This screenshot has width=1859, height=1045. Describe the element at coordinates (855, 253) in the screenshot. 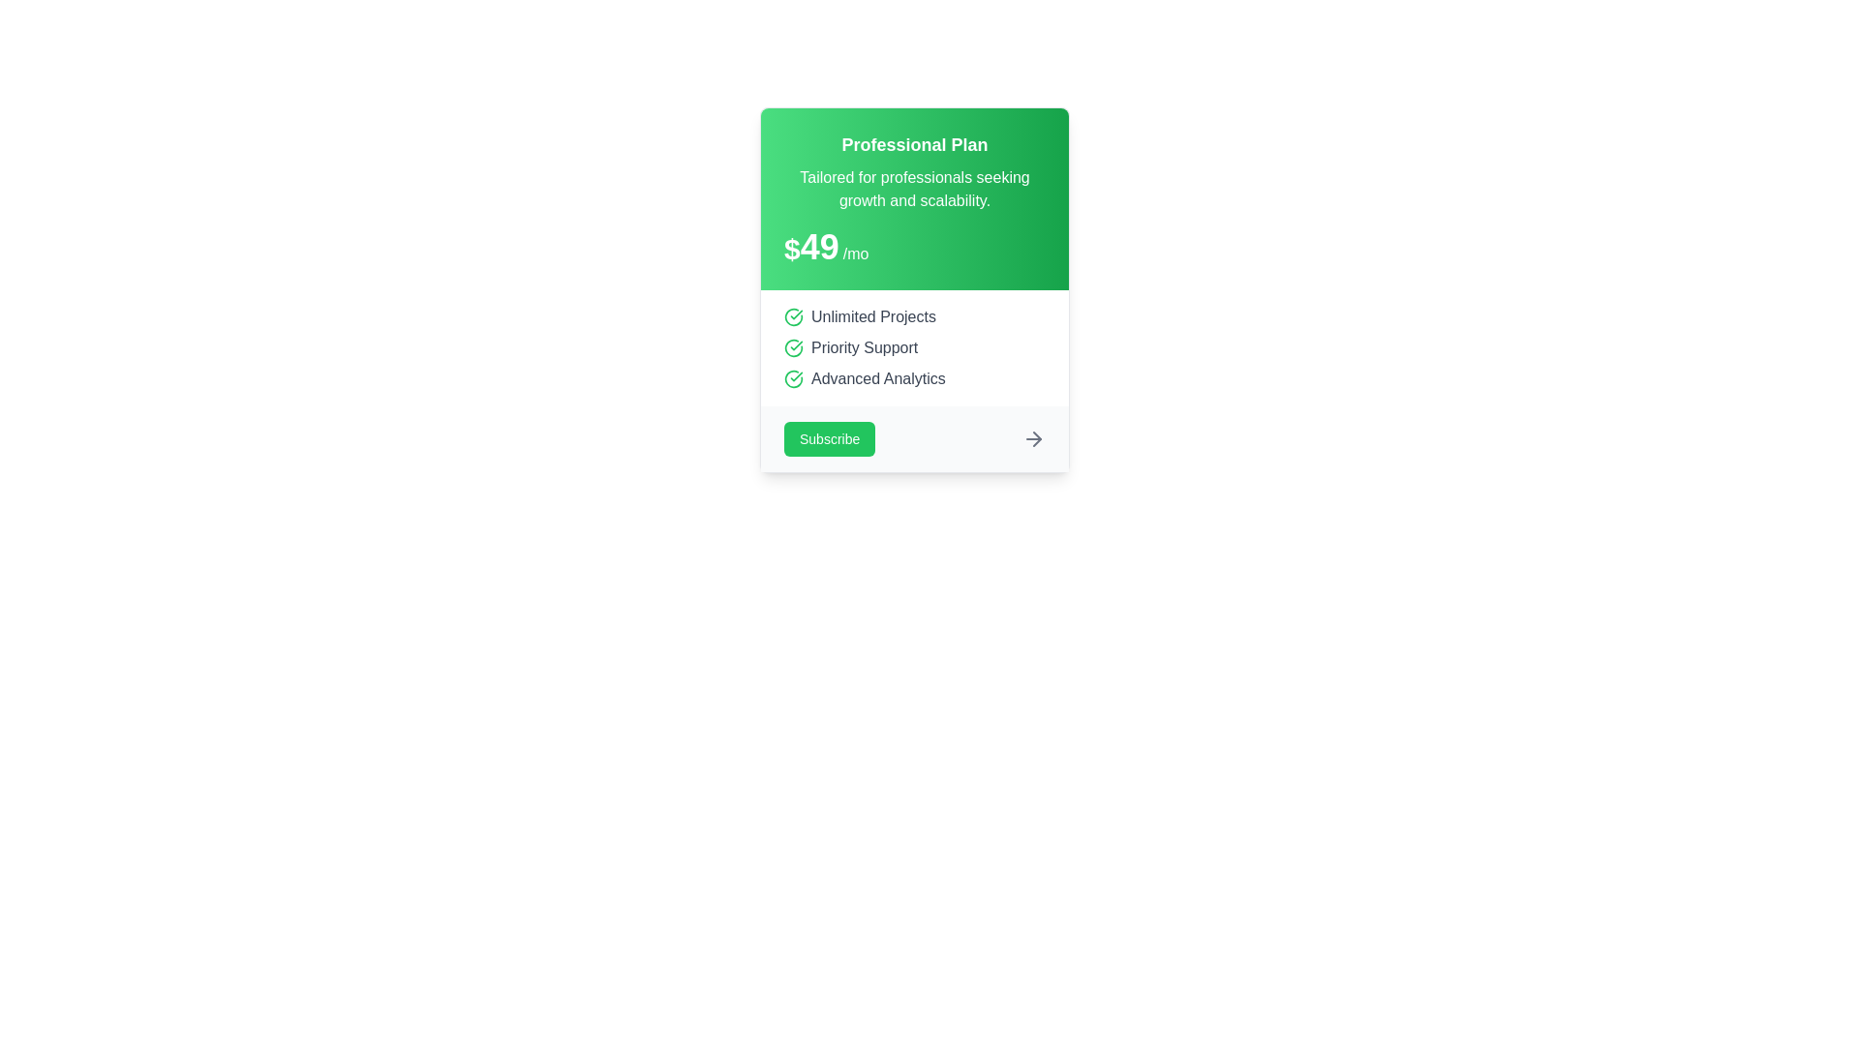

I see `the text label displaying '/mo', which is rendered in white on a green background and is positioned to the right of the price '49' in the professional plan card` at that location.